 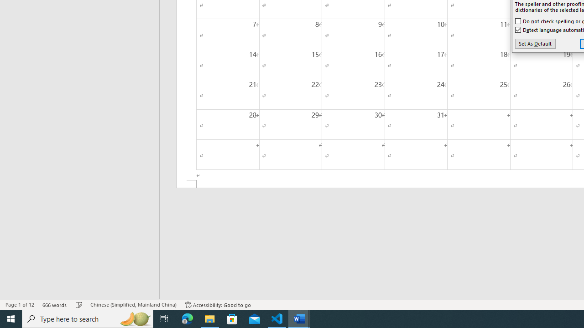 What do you see at coordinates (88, 318) in the screenshot?
I see `'Type here to search'` at bounding box center [88, 318].